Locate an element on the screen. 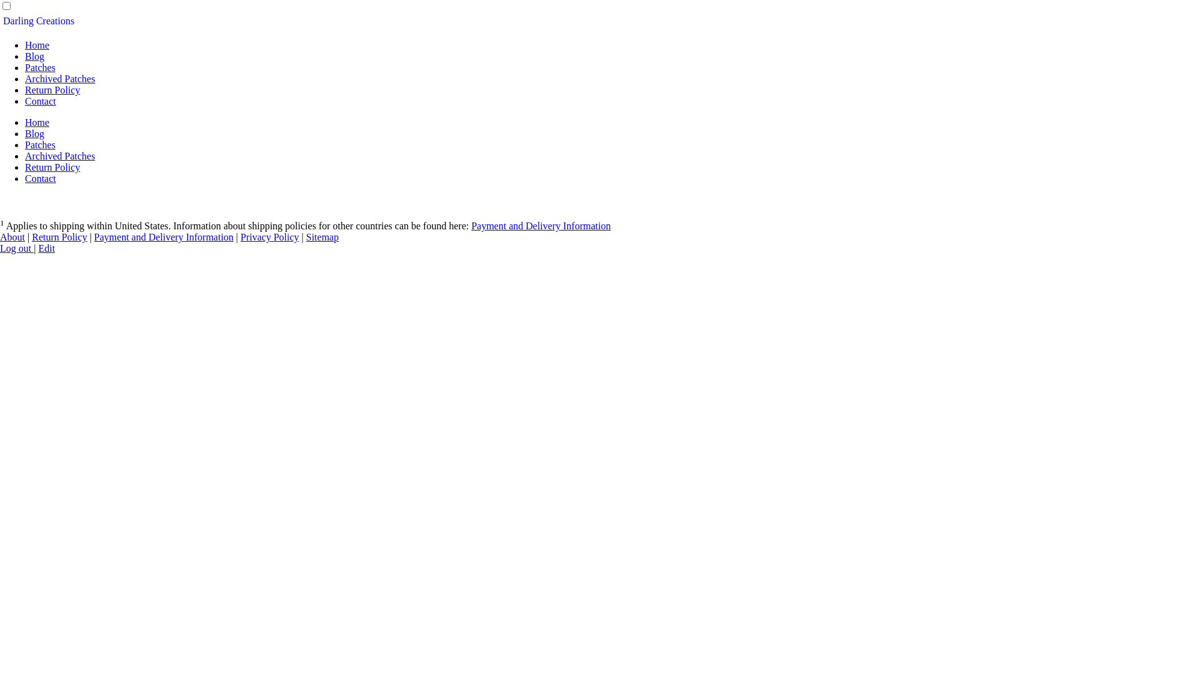 Image resolution: width=1198 pixels, height=673 pixels. 'Home' is located at coordinates (24, 122).